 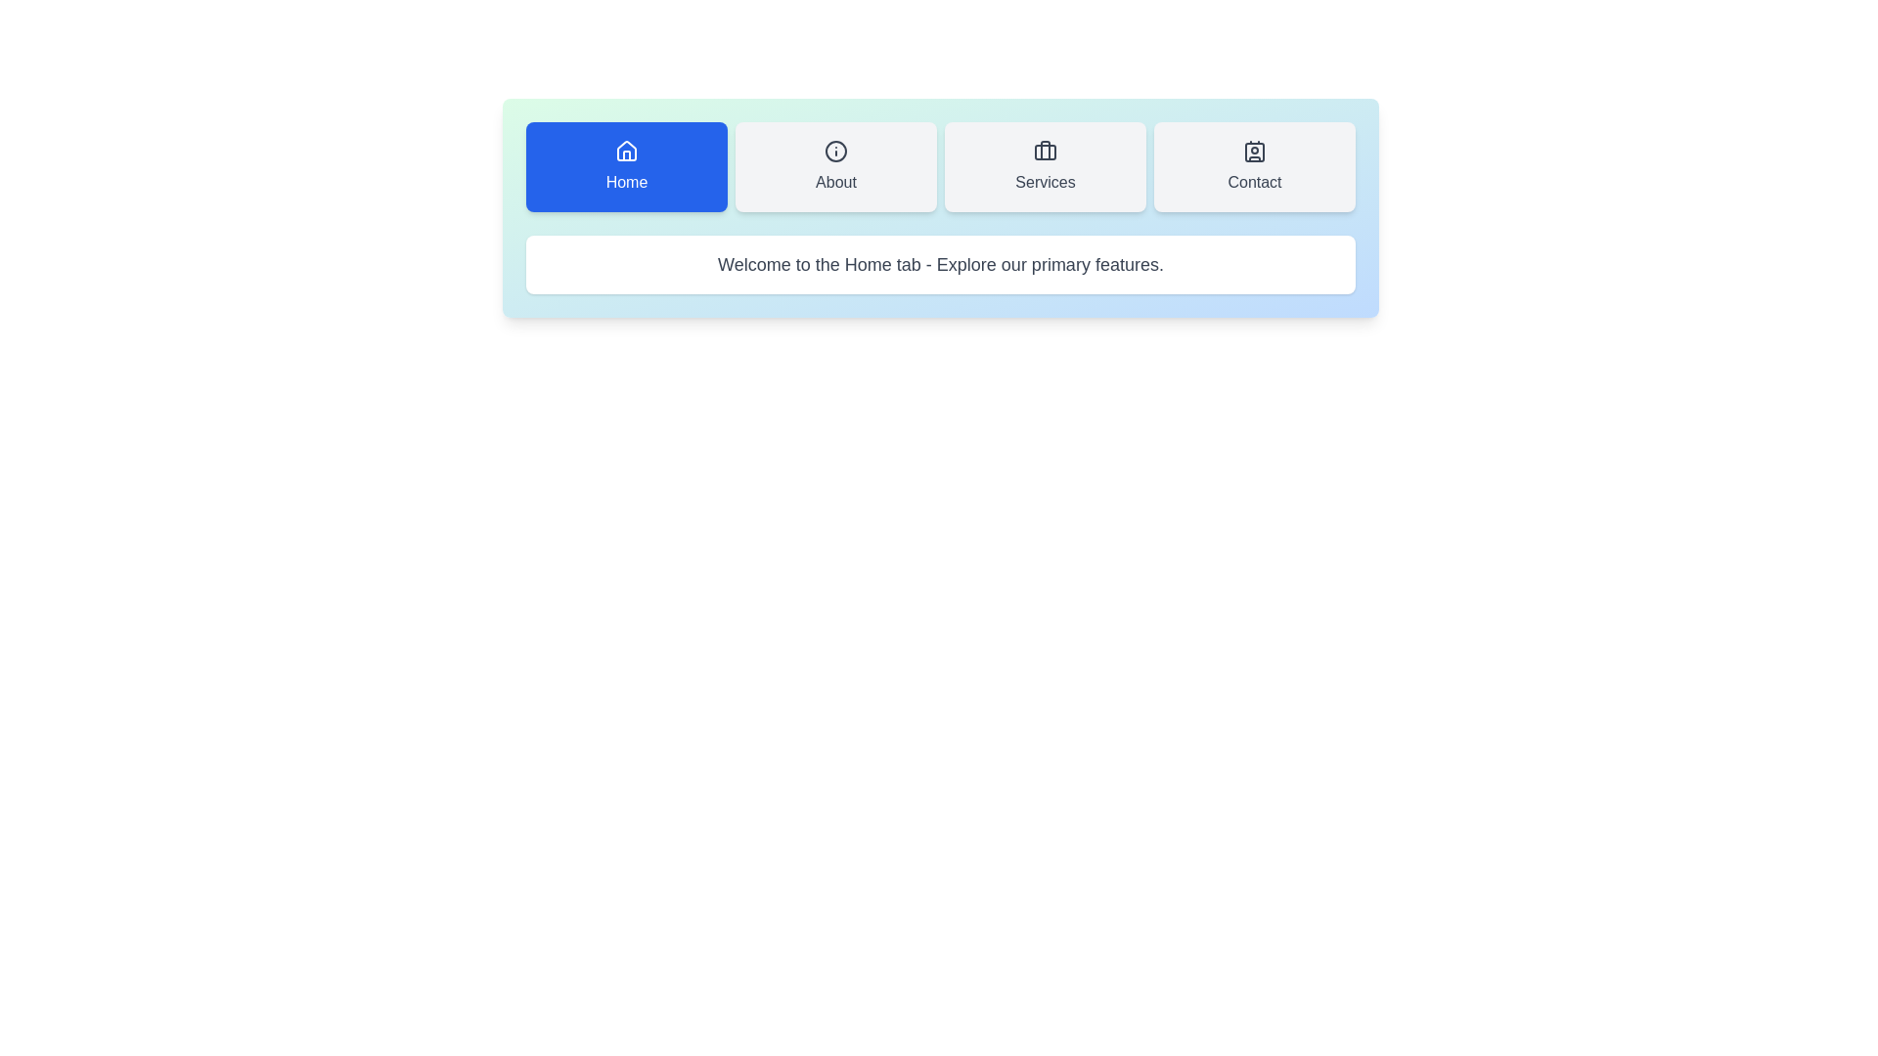 I want to click on the button in the fourth slot of the grid layout, so click(x=1254, y=165).